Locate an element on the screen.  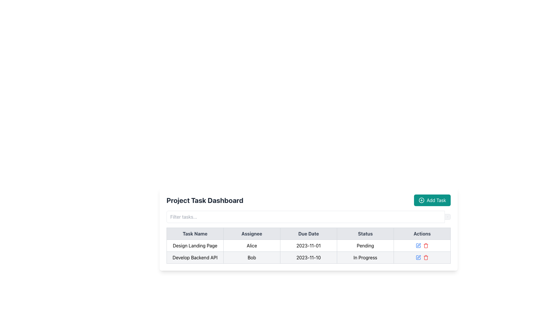
the table header cell labeled 'Actions', which is the fifth column header in the task management dashboard table is located at coordinates (422, 233).